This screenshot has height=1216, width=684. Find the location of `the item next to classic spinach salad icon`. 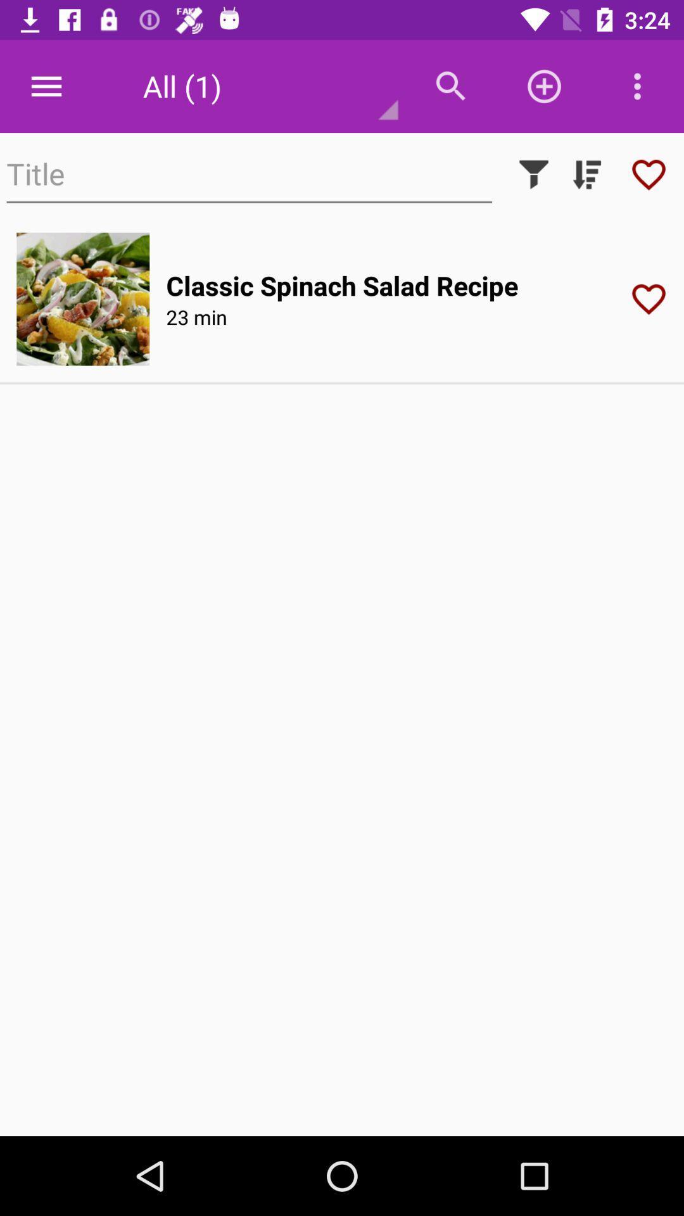

the item next to classic spinach salad icon is located at coordinates (83, 298).